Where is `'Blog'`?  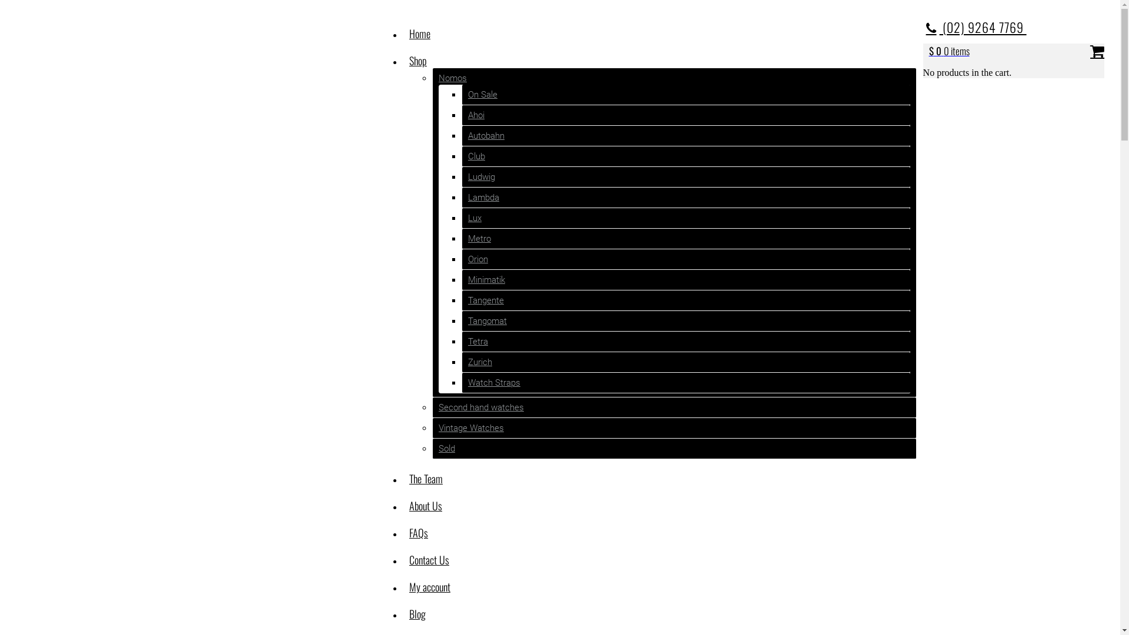 'Blog' is located at coordinates (409, 613).